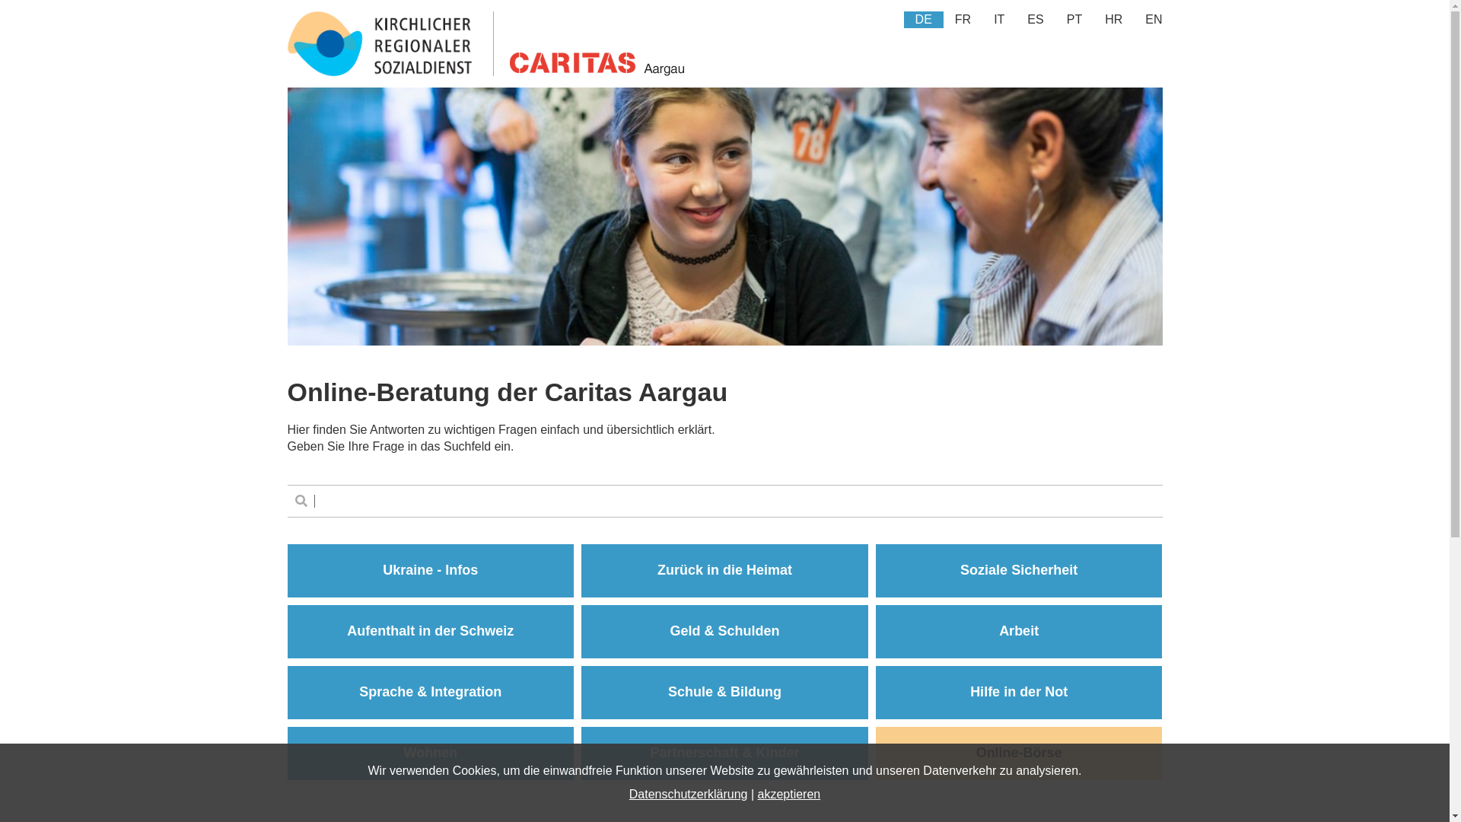 The height and width of the screenshot is (822, 1461). I want to click on 'Partnerschaft & Kinder', so click(724, 753).